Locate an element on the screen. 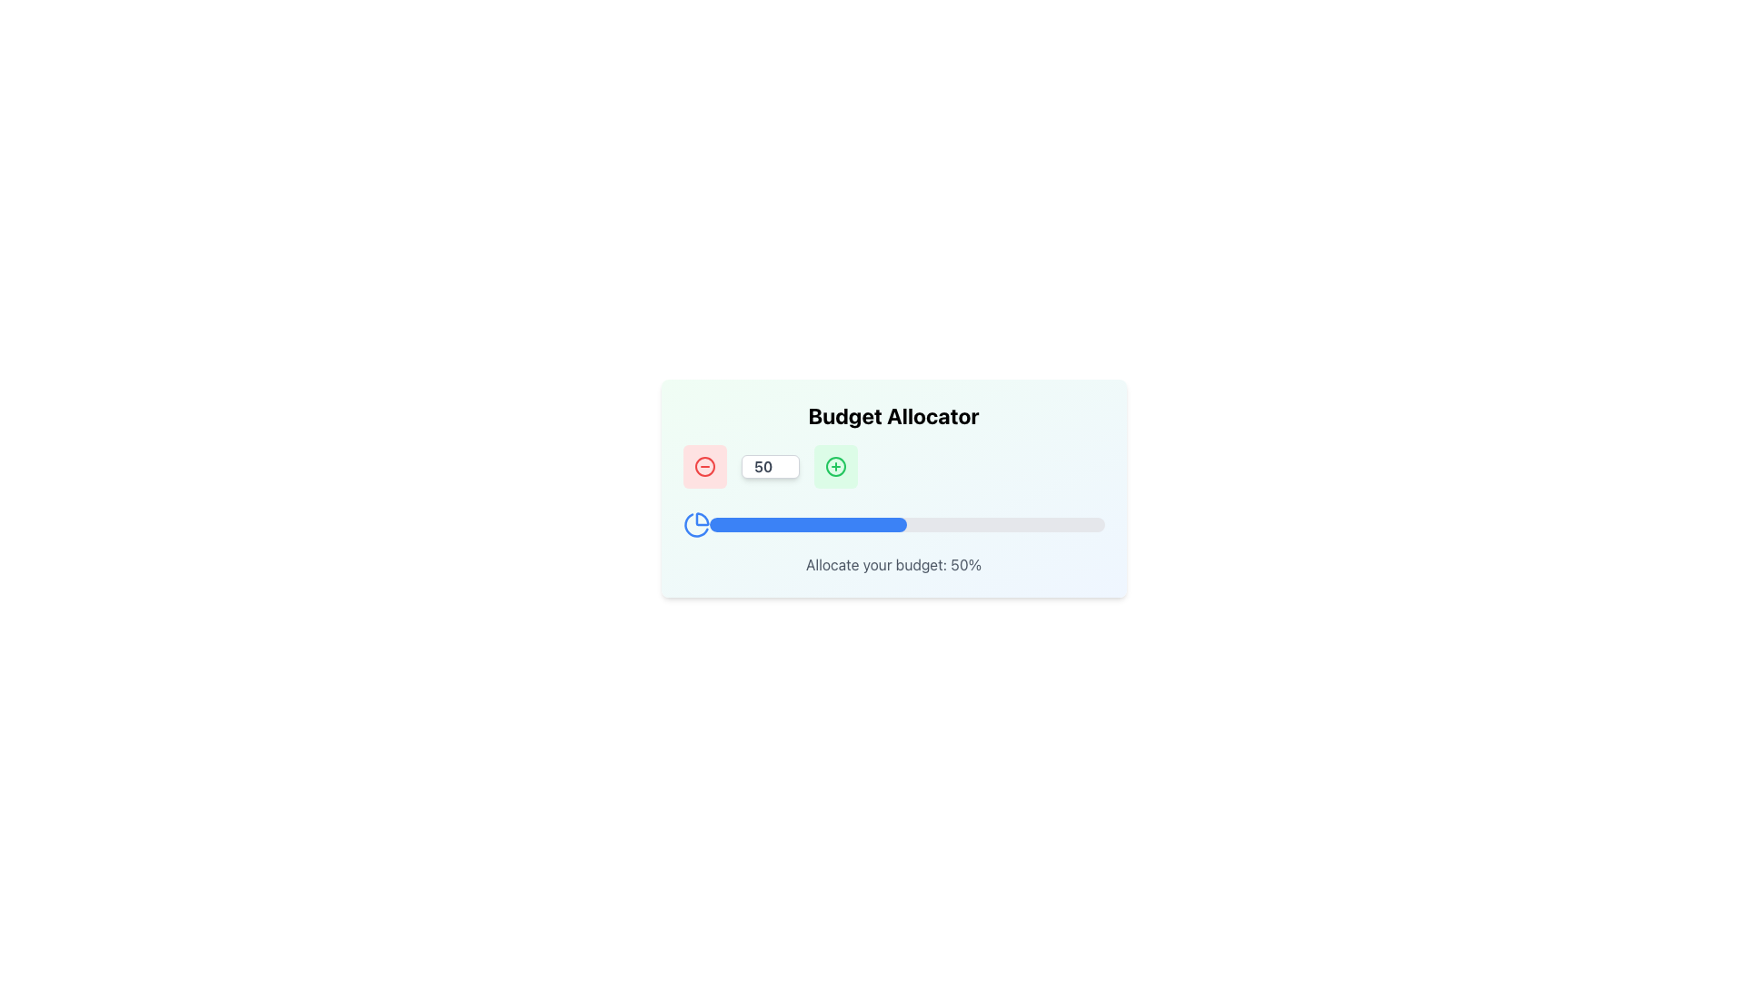  the distribution icon located on the left side of the progress bar, which represents allocation related to the progress data is located at coordinates (695, 525).